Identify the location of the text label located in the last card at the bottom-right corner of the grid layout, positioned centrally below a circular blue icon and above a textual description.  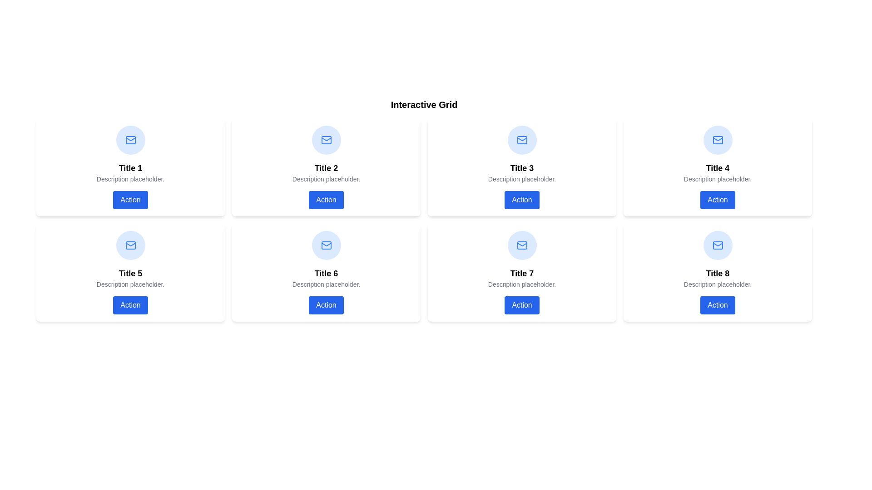
(717, 273).